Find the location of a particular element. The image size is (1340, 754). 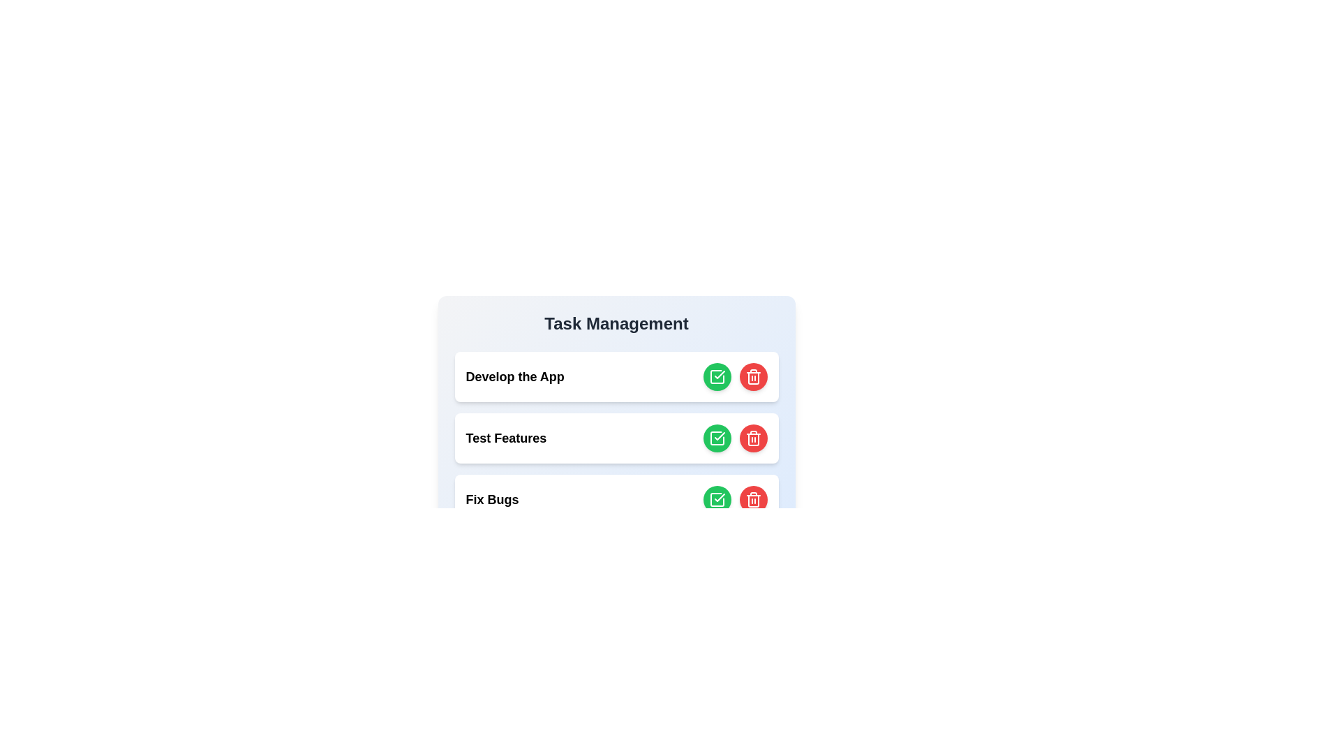

delete button for the task named Fix Bugs is located at coordinates (752, 499).